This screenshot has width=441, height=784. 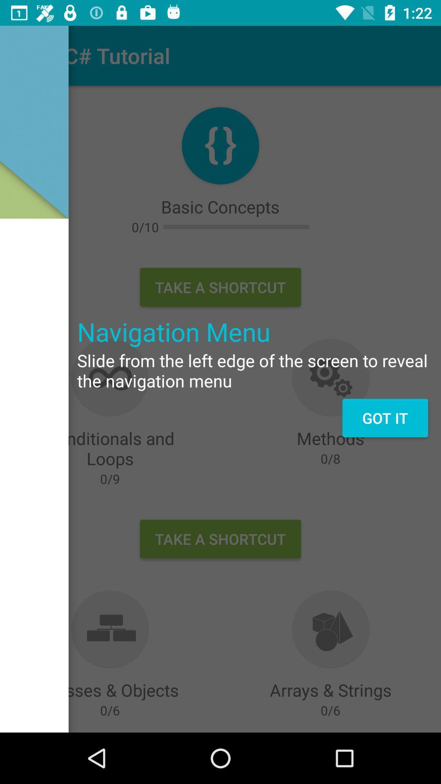 What do you see at coordinates (385, 418) in the screenshot?
I see `the got it` at bounding box center [385, 418].